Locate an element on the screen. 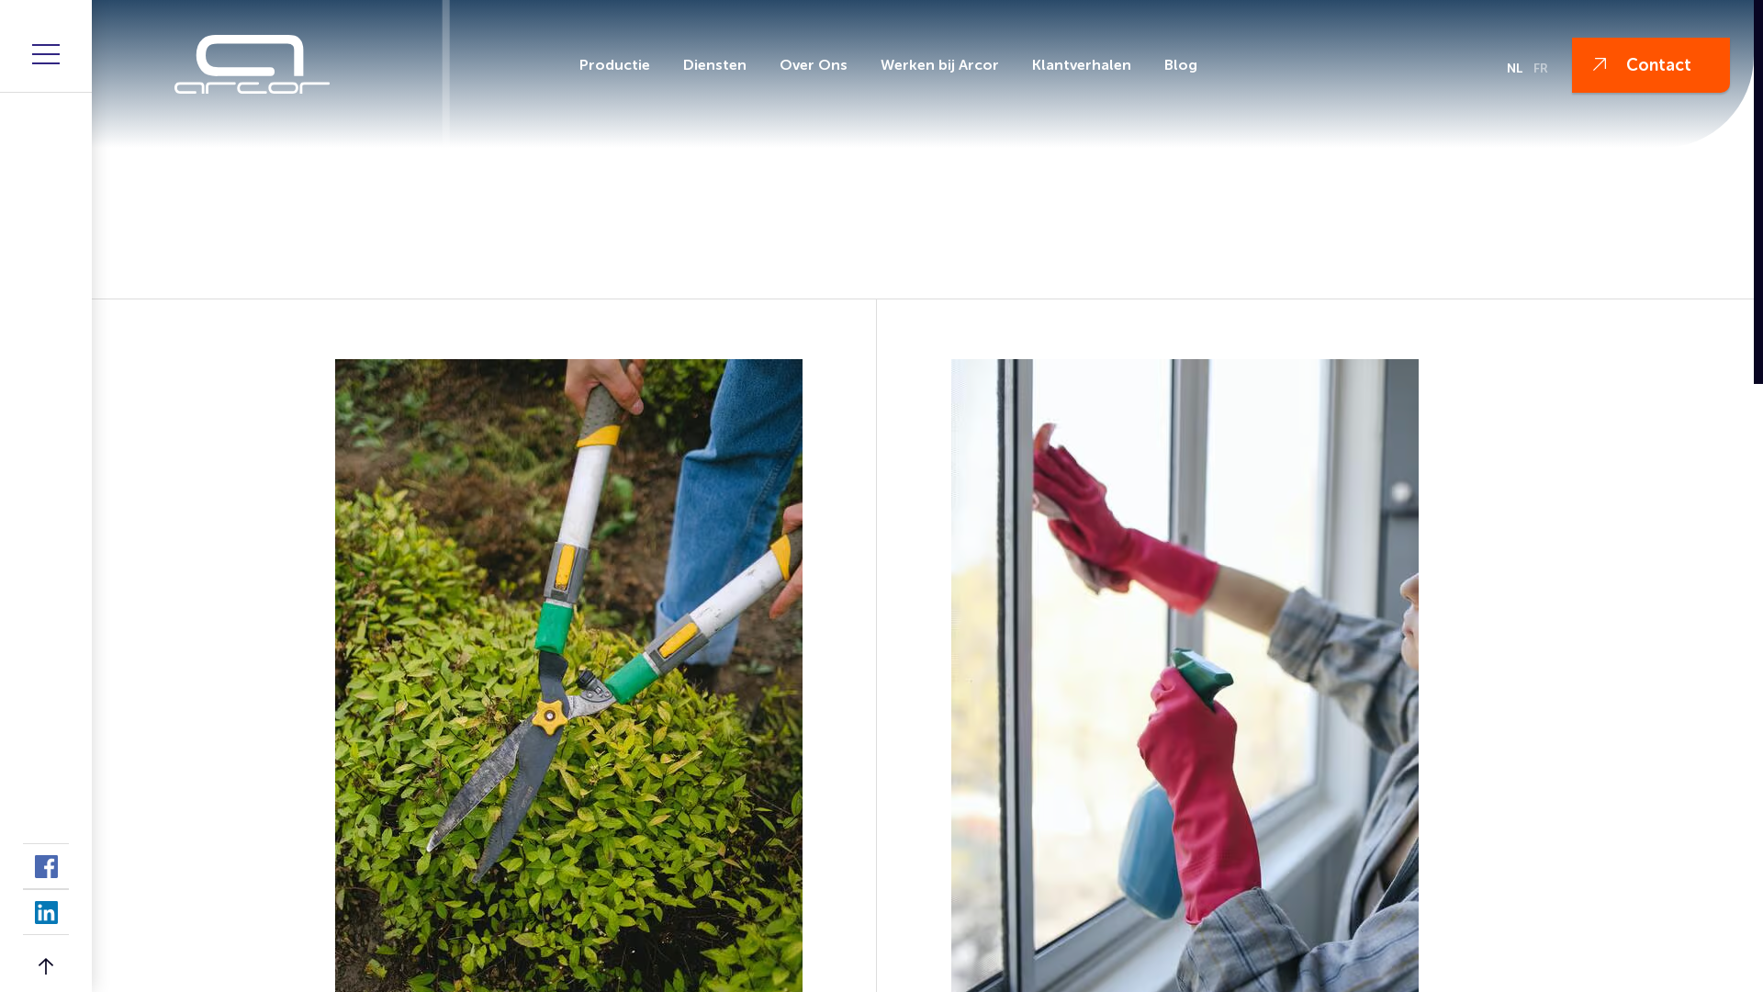 The image size is (1763, 992). 'Werken bij Arcor' is located at coordinates (868, 63).